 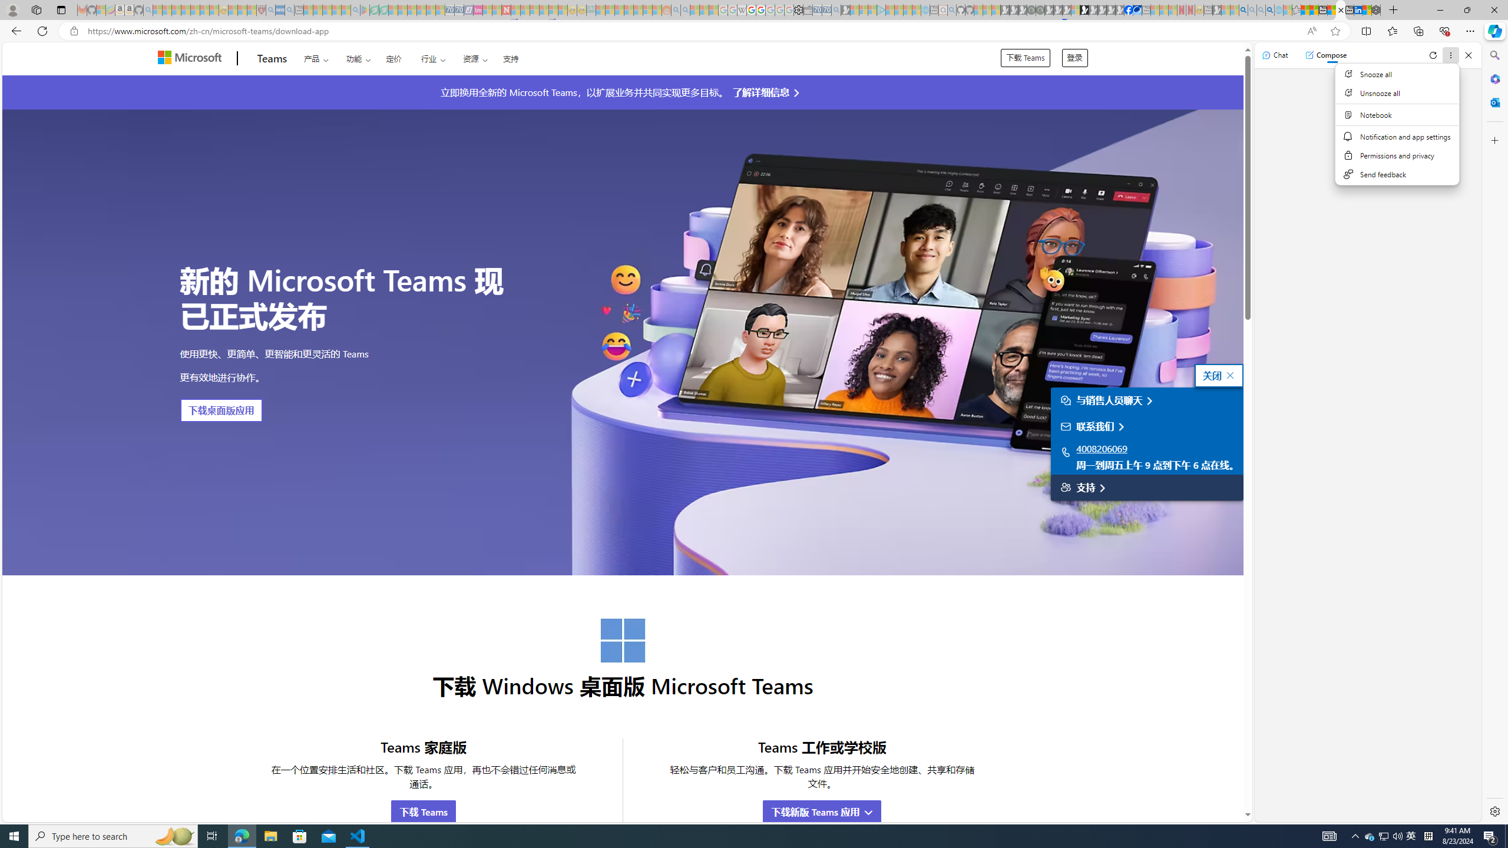 What do you see at coordinates (272, 58) in the screenshot?
I see `'Teams'` at bounding box center [272, 58].